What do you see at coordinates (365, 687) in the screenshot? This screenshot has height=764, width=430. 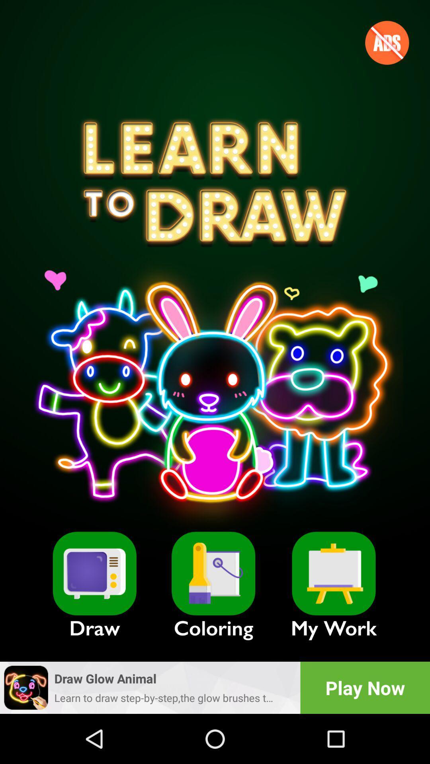 I see `the app to the right of the draw glow animal` at bounding box center [365, 687].